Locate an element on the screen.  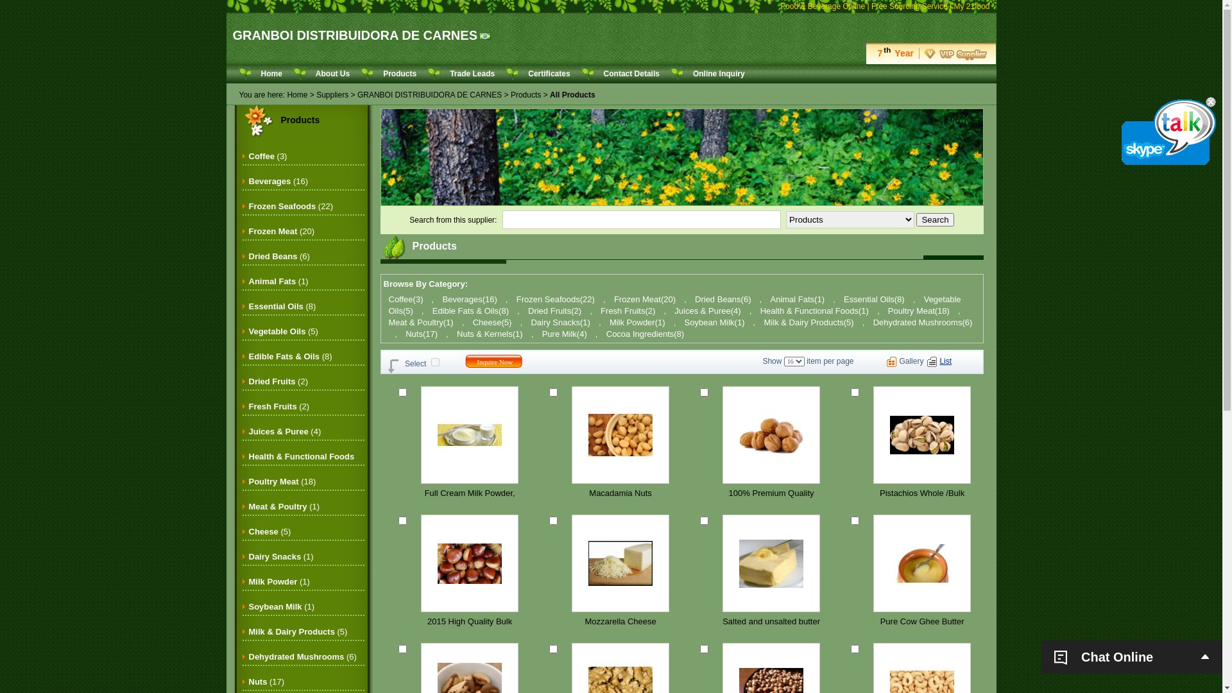
'Vegetable Oils (5)' is located at coordinates (249, 330).